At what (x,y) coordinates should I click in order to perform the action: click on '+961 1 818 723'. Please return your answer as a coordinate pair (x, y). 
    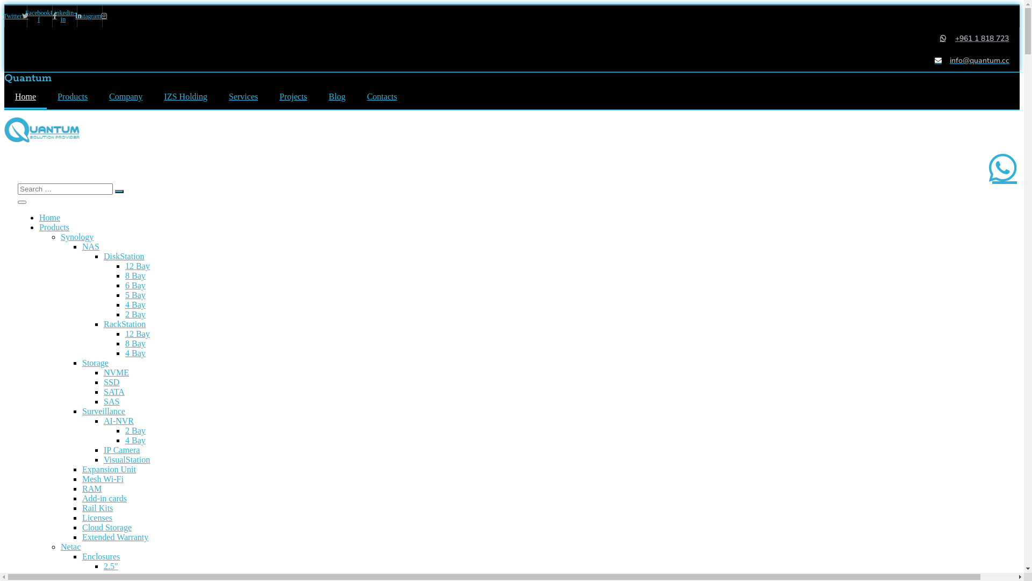
    Looking at the image, I should click on (506, 38).